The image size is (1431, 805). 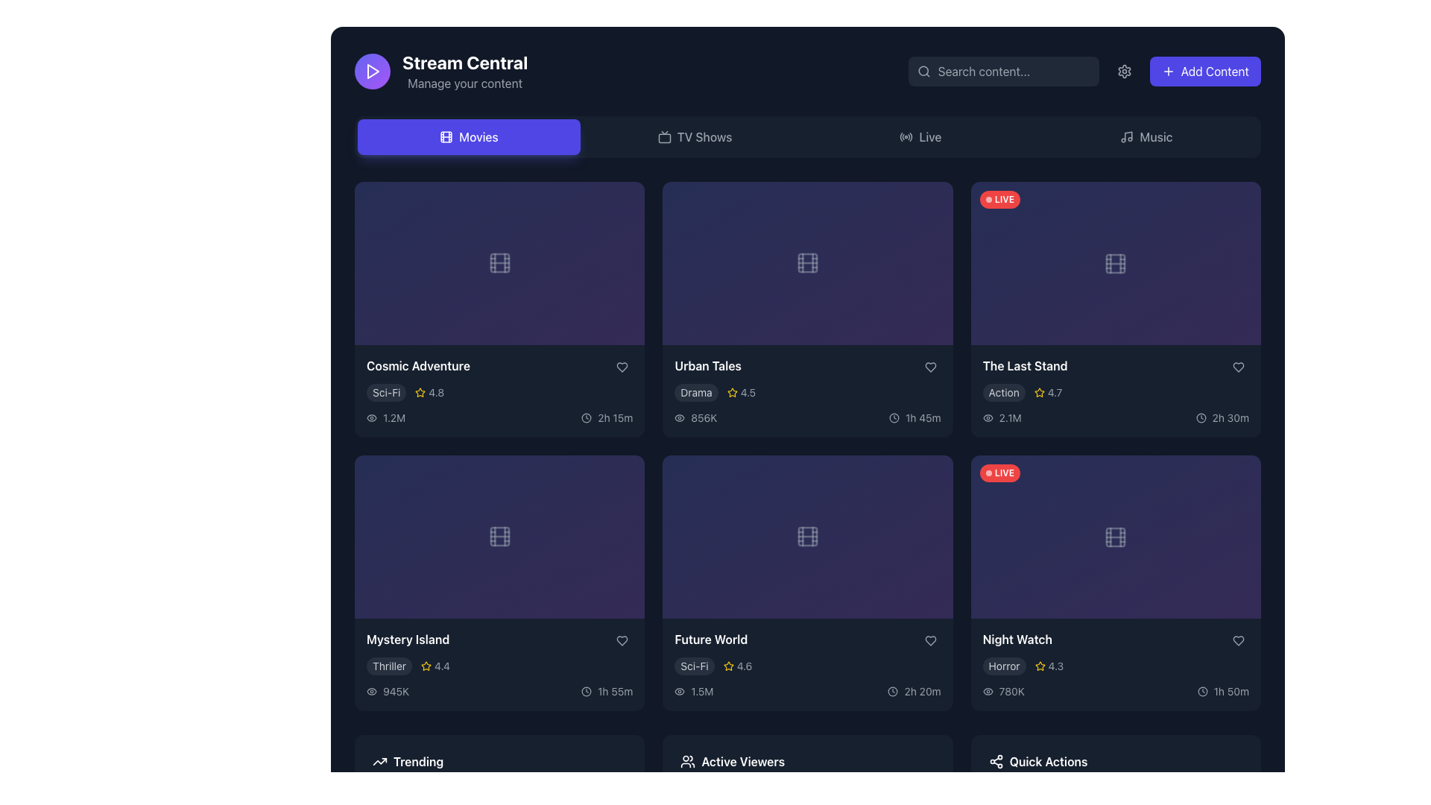 I want to click on the 'Stream Central' text label, which is a bold, large-sized white text on a dark background, positioned near the upper left area of the interface, so click(x=464, y=62).